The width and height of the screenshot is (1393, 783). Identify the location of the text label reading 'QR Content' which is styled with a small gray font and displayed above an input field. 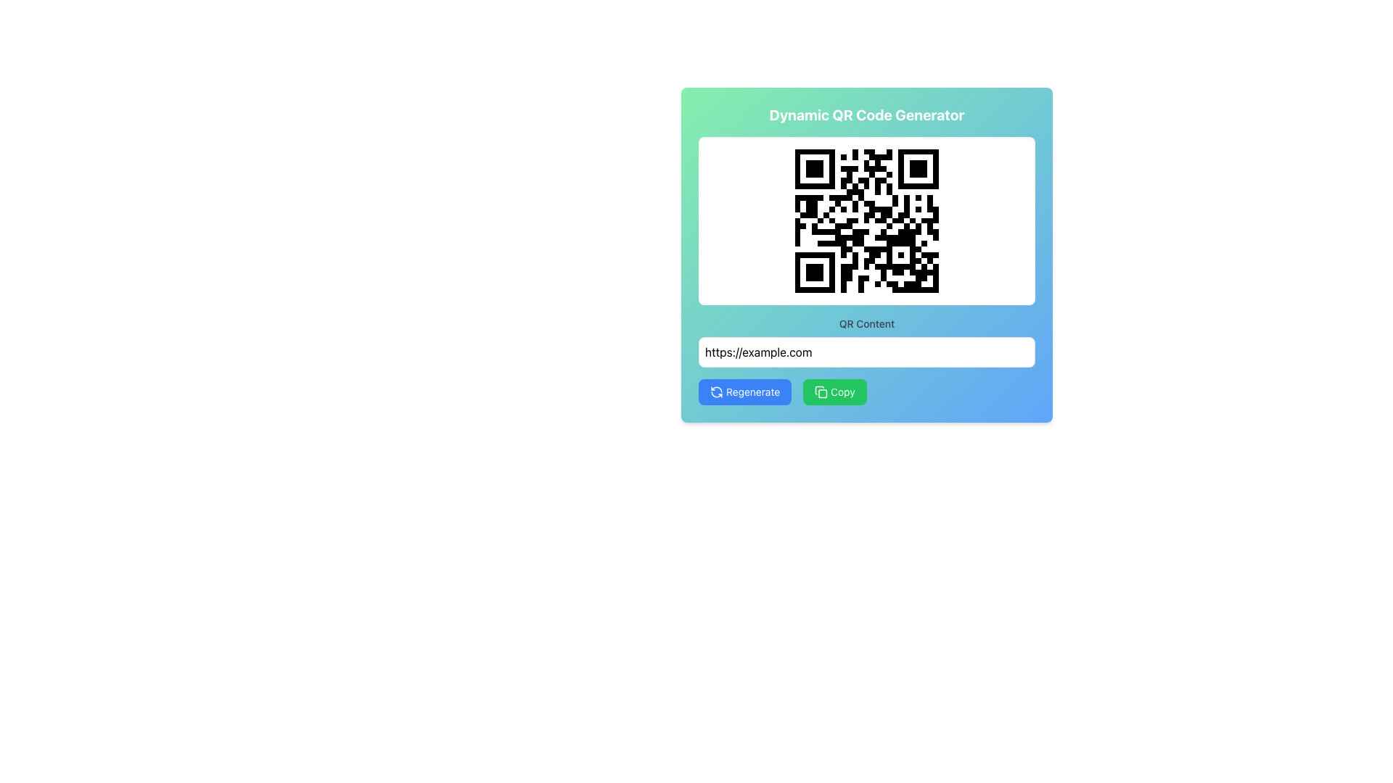
(867, 323).